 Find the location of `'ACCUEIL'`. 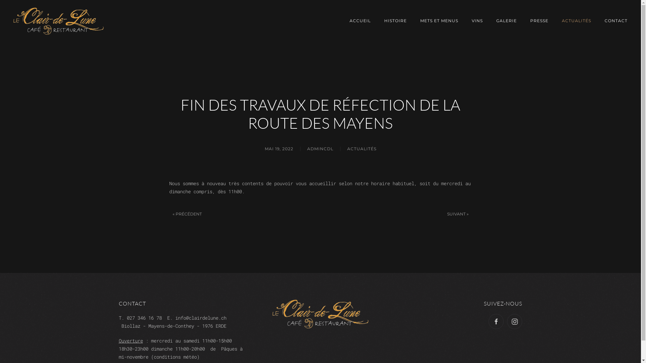

'ACCUEIL' is located at coordinates (360, 21).